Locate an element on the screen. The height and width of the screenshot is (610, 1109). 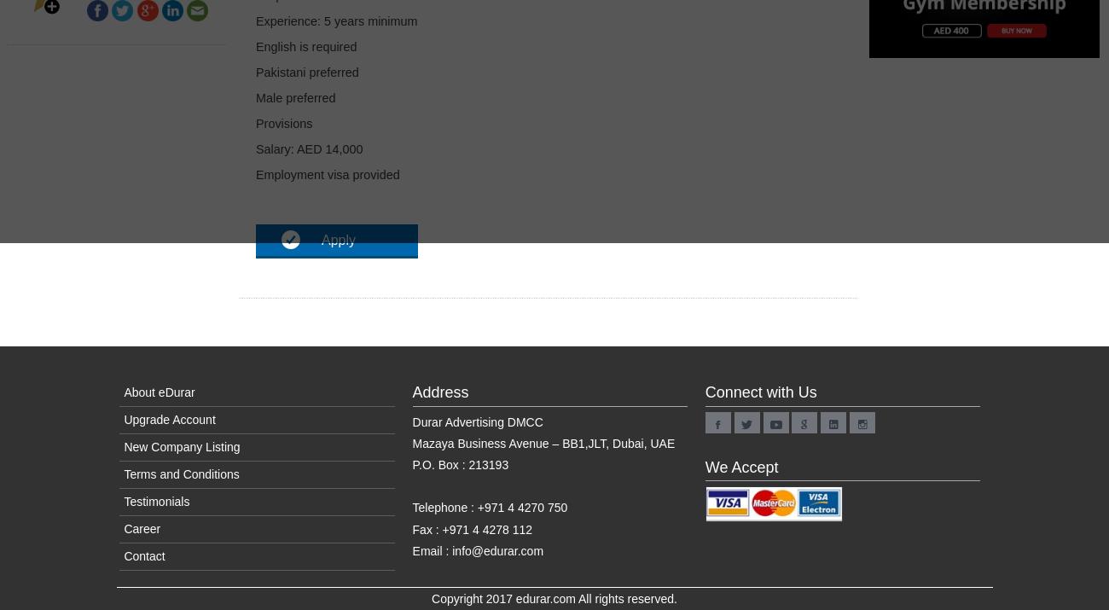
'Contact' is located at coordinates (122, 555).